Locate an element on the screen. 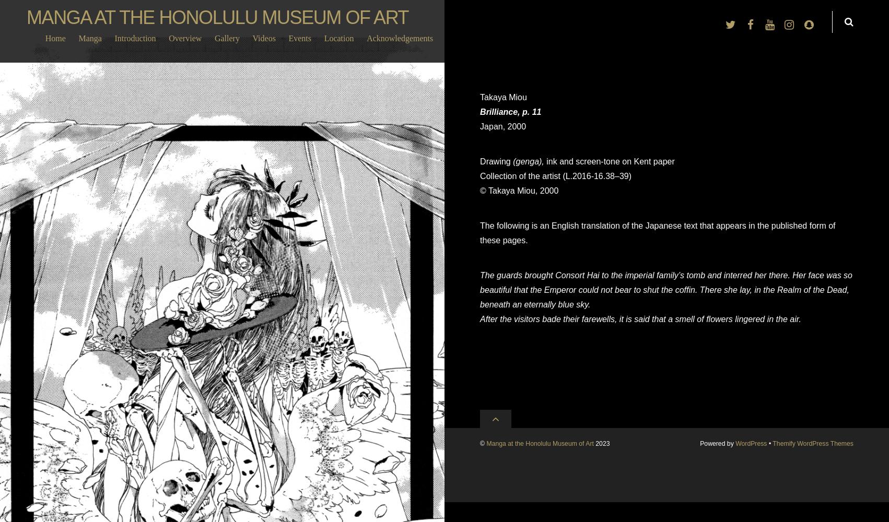 This screenshot has width=889, height=522. 'Videos' is located at coordinates (263, 38).